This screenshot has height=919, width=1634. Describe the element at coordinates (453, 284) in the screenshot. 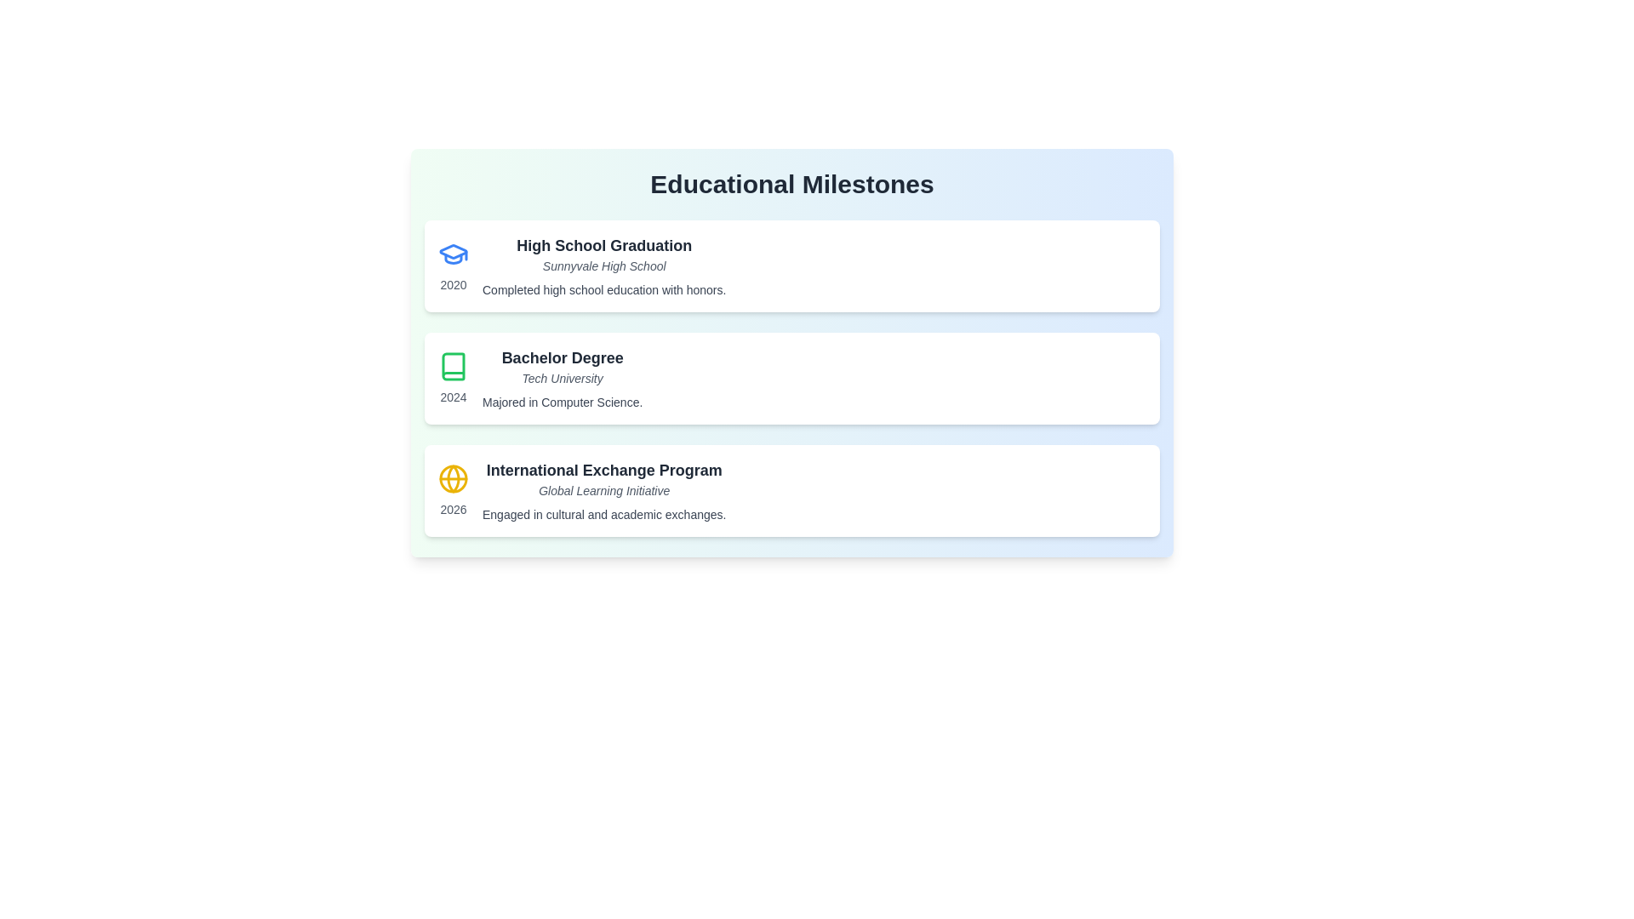

I see `the text label indicating the year for the milestone entry, which is located beneath a graduation cap icon and above the milestone description` at that location.